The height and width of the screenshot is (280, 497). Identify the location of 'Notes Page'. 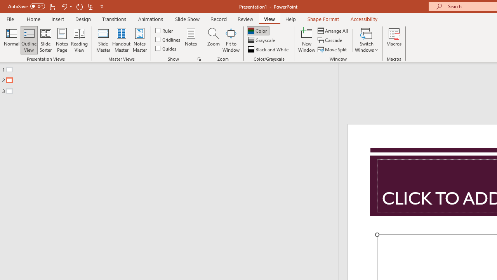
(62, 40).